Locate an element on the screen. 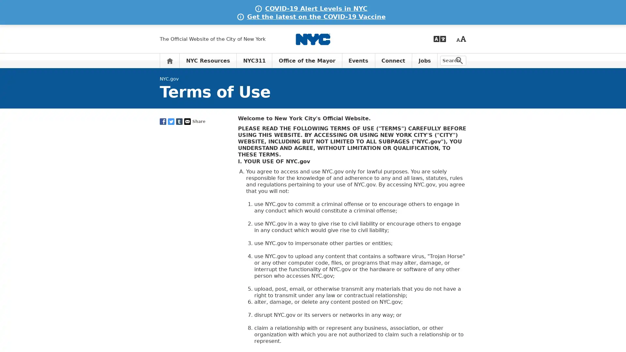 The image size is (626, 352). Search is located at coordinates (459, 60).